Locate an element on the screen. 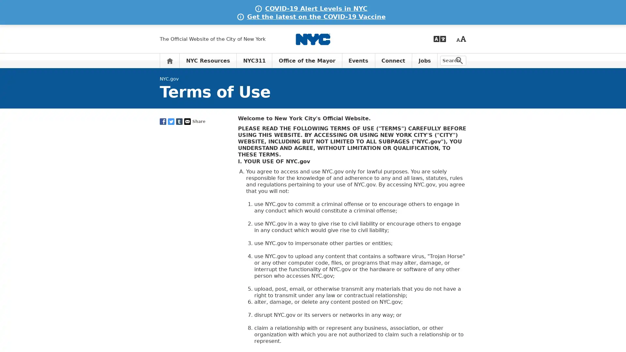 The image size is (626, 352). Search is located at coordinates (459, 60).